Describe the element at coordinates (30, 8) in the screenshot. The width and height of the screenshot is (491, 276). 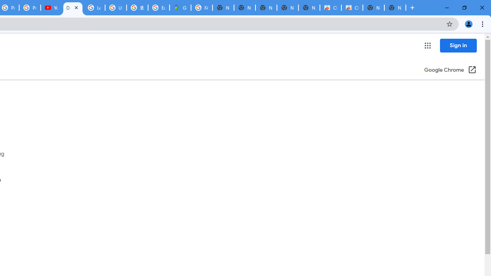
I see `'Privacy Checkup'` at that location.